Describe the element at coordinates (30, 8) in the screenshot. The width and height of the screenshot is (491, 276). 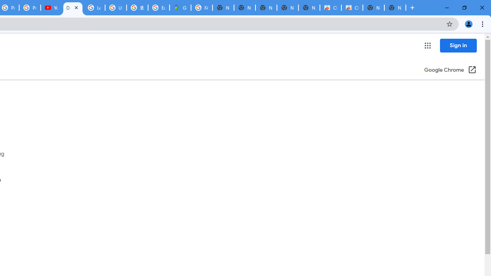
I see `'Privacy Checkup'` at that location.